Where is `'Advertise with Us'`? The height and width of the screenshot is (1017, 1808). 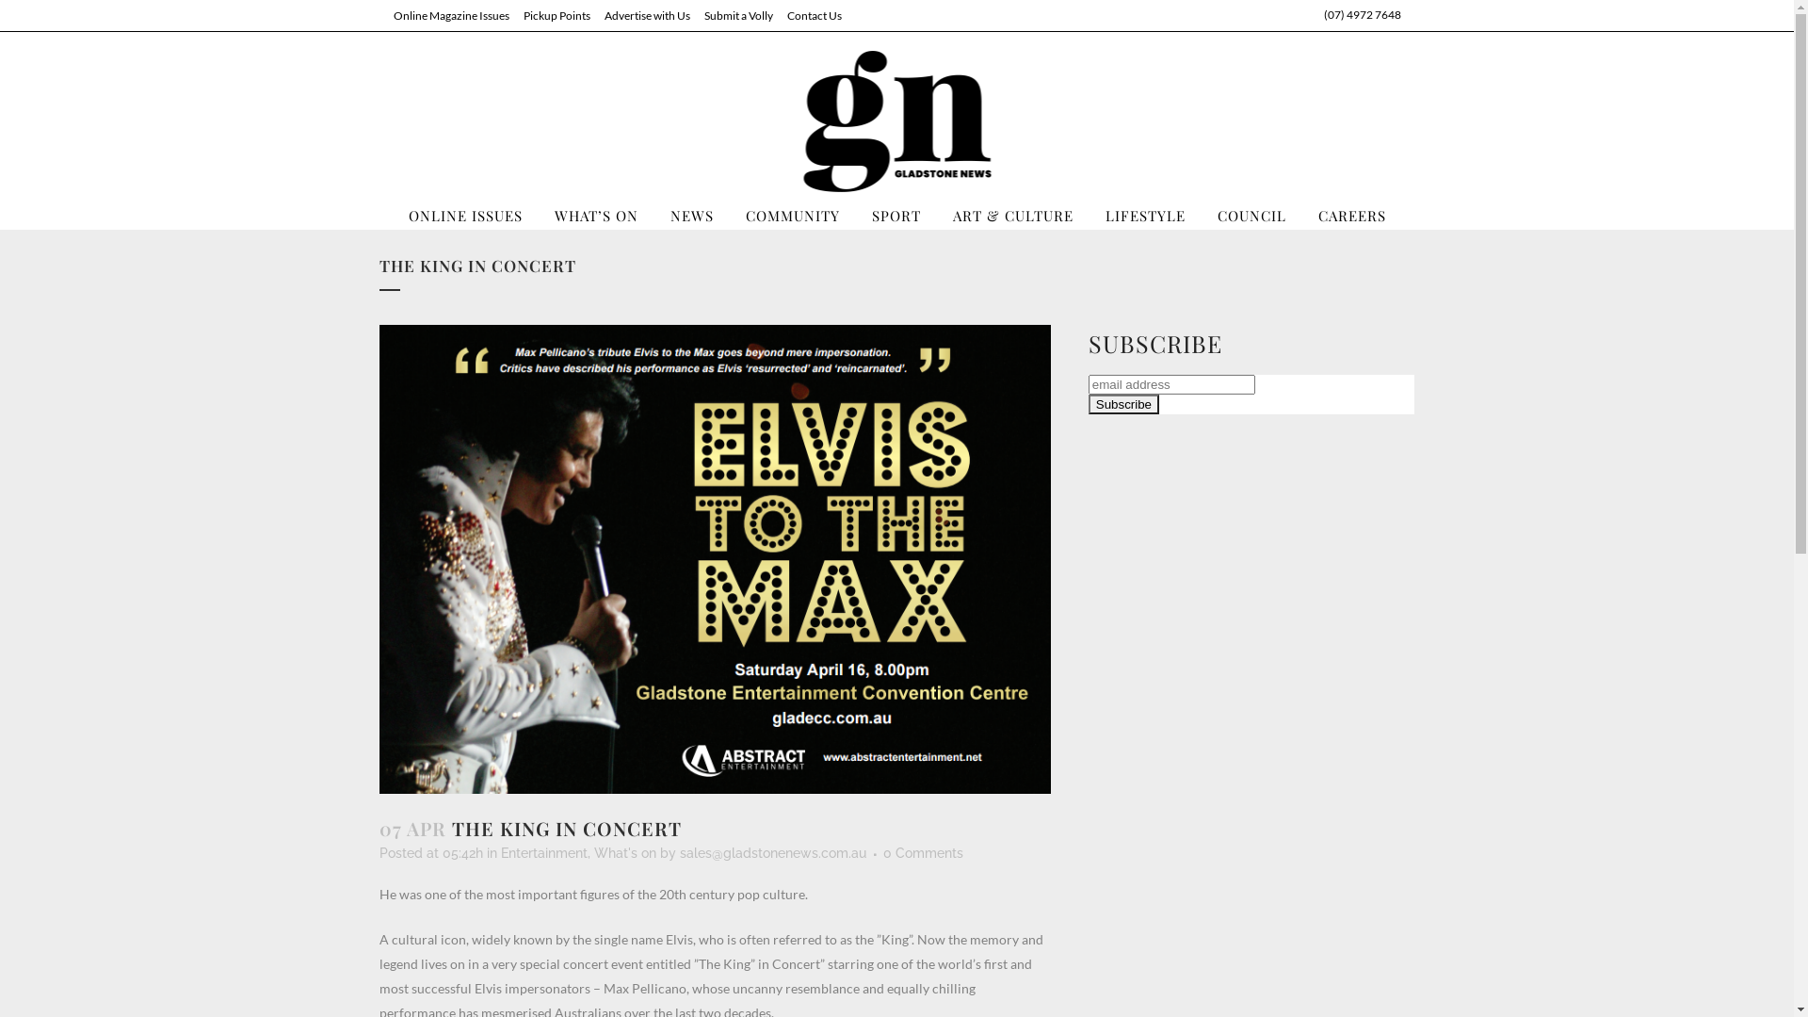 'Advertise with Us' is located at coordinates (638, 15).